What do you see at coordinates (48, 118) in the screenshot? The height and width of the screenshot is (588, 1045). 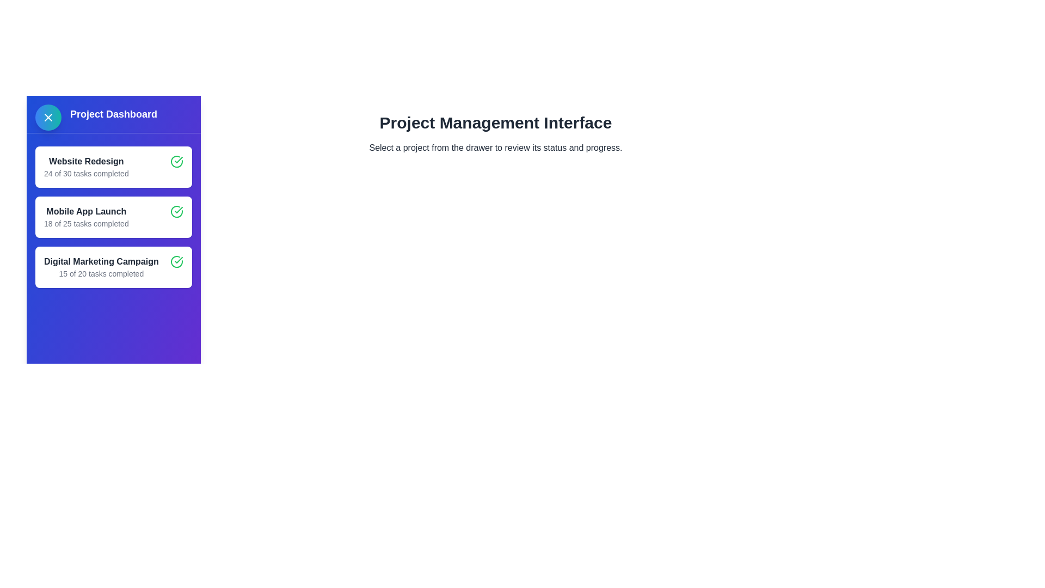 I see `the button at the top-left corner to toggle the visibility of the drawer` at bounding box center [48, 118].